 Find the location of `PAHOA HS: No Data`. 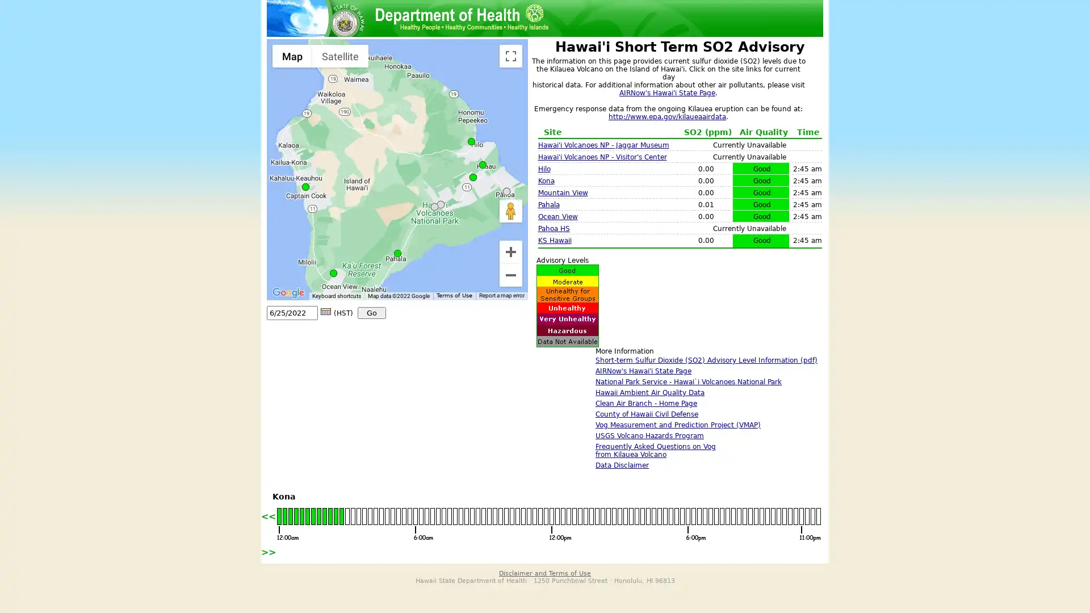

PAHOA HS: No Data is located at coordinates (506, 191).